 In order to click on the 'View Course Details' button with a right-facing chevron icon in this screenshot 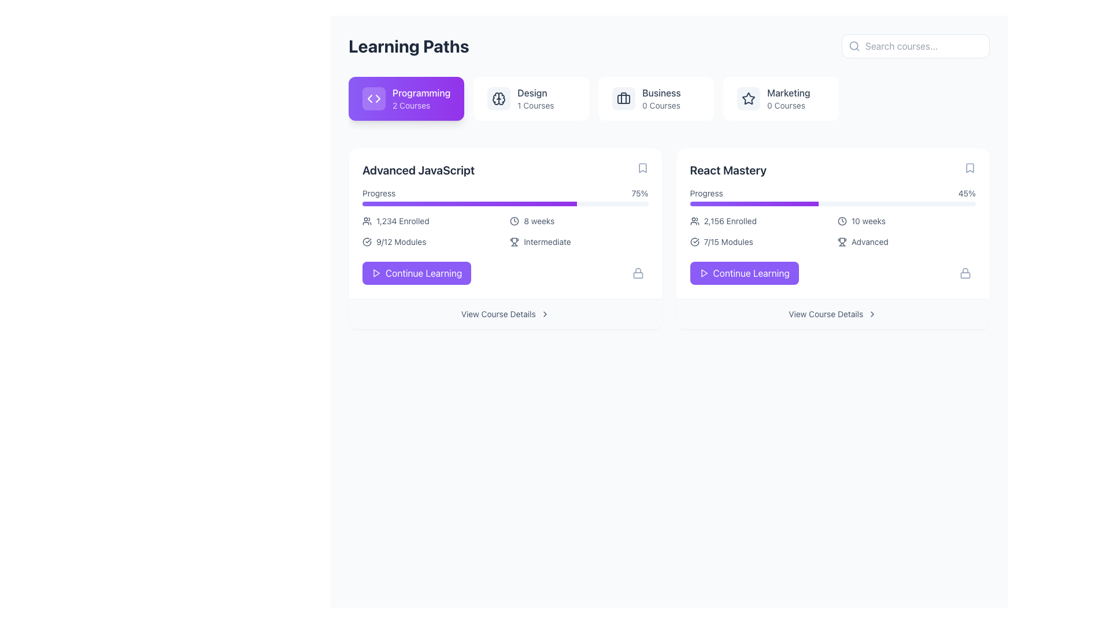, I will do `click(832, 314)`.